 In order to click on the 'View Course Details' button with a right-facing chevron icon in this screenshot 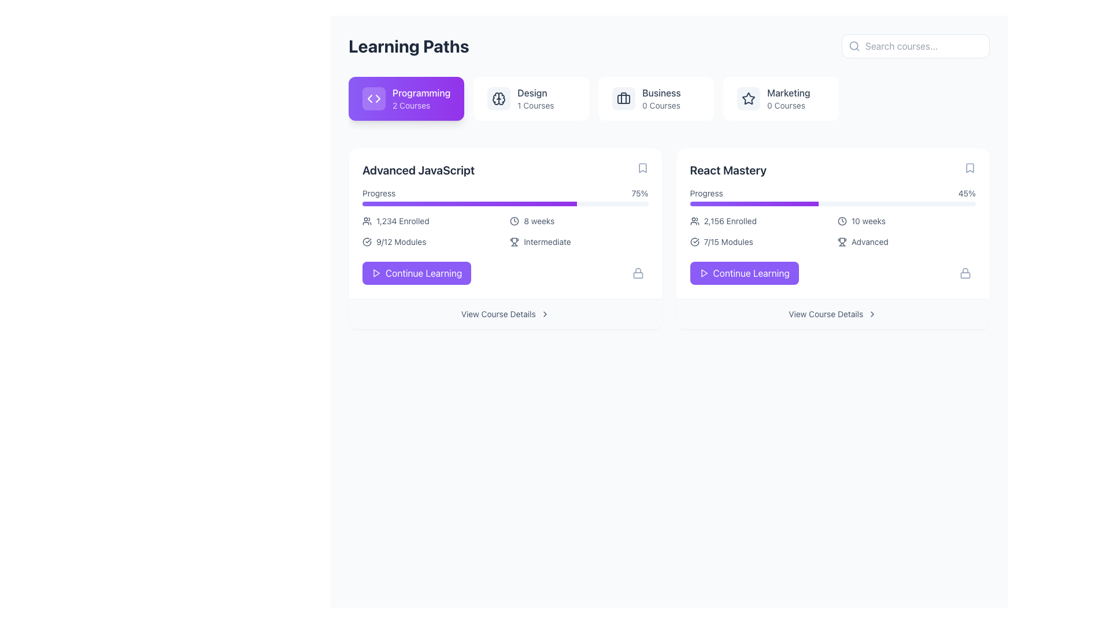, I will do `click(832, 314)`.